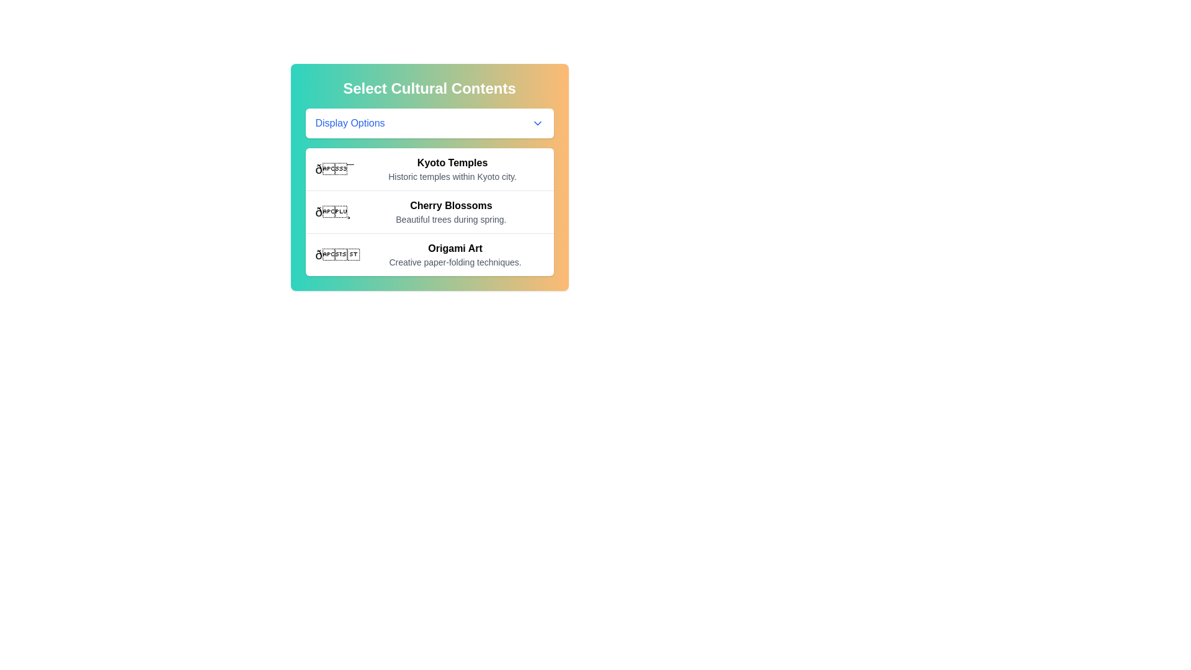 The height and width of the screenshot is (670, 1191). What do you see at coordinates (537, 123) in the screenshot?
I see `the downward-pointing chevron icon located at the far right end of the 'Display Options' button` at bounding box center [537, 123].